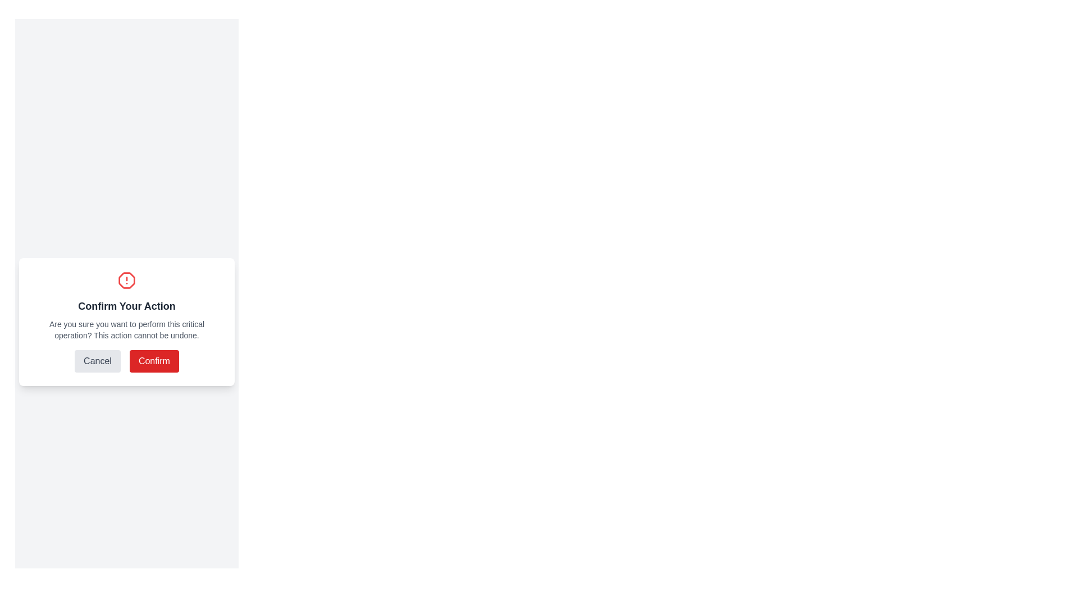  I want to click on the 'Cancel' button, which is a rectangular button with rounded corners, gray background, and dark gray text, located at the bottom of the confirmation dialog box, so click(97, 361).